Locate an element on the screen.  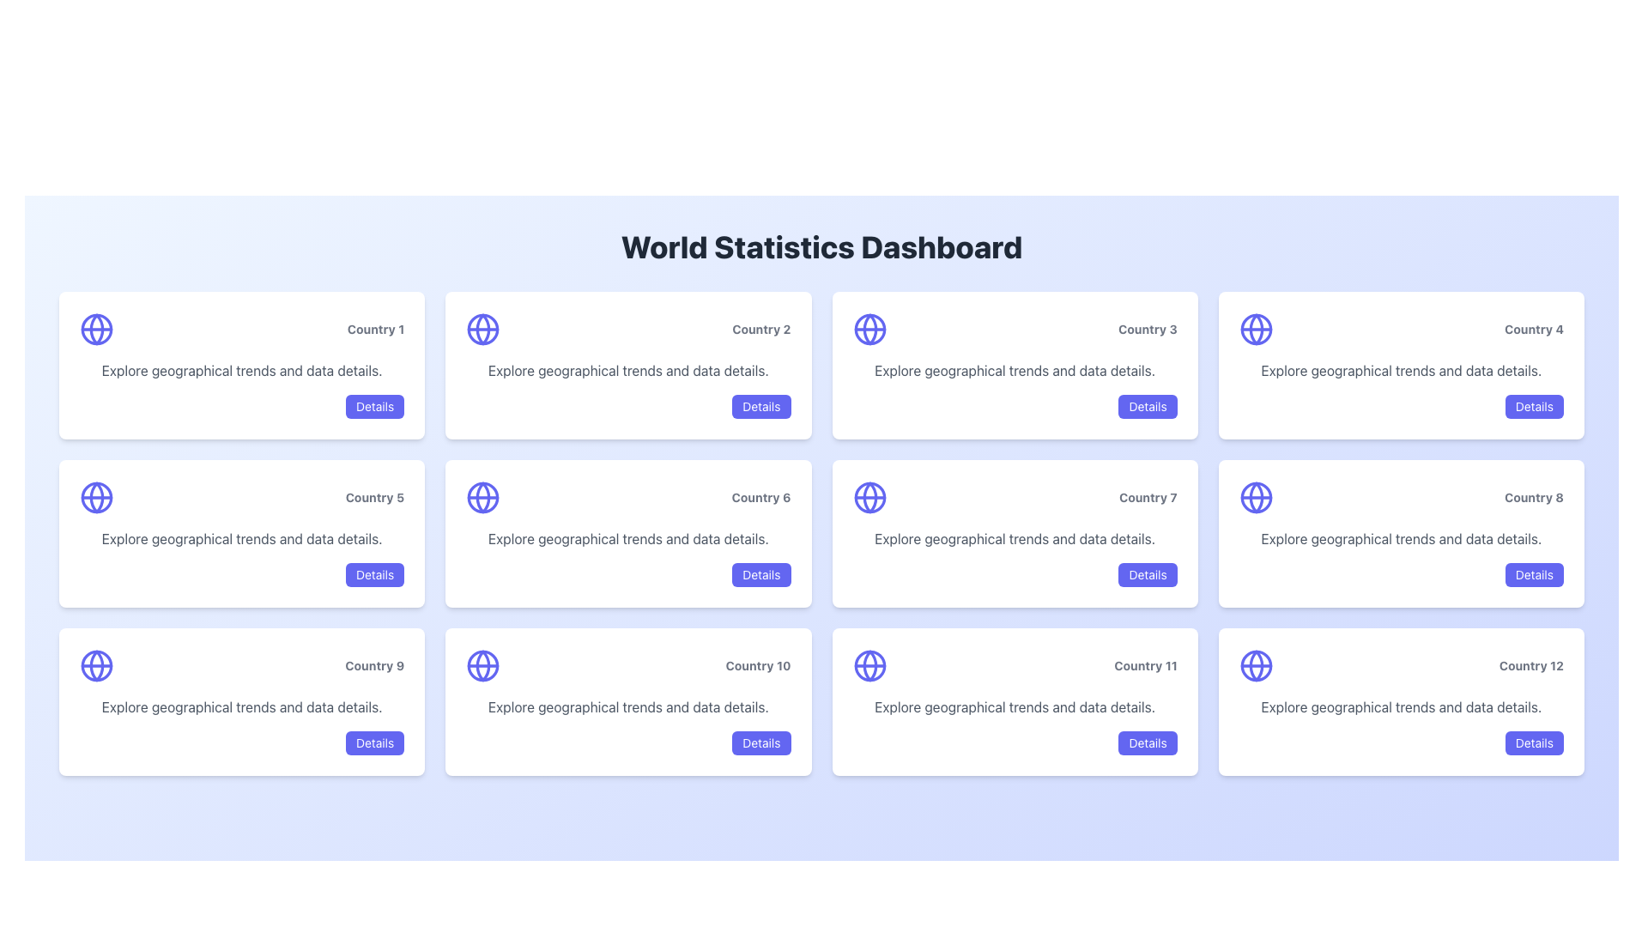
text label that says 'Explore geographical trends and data details.' located below the 'Country 5' label within the first card of the grid layout is located at coordinates (241, 538).